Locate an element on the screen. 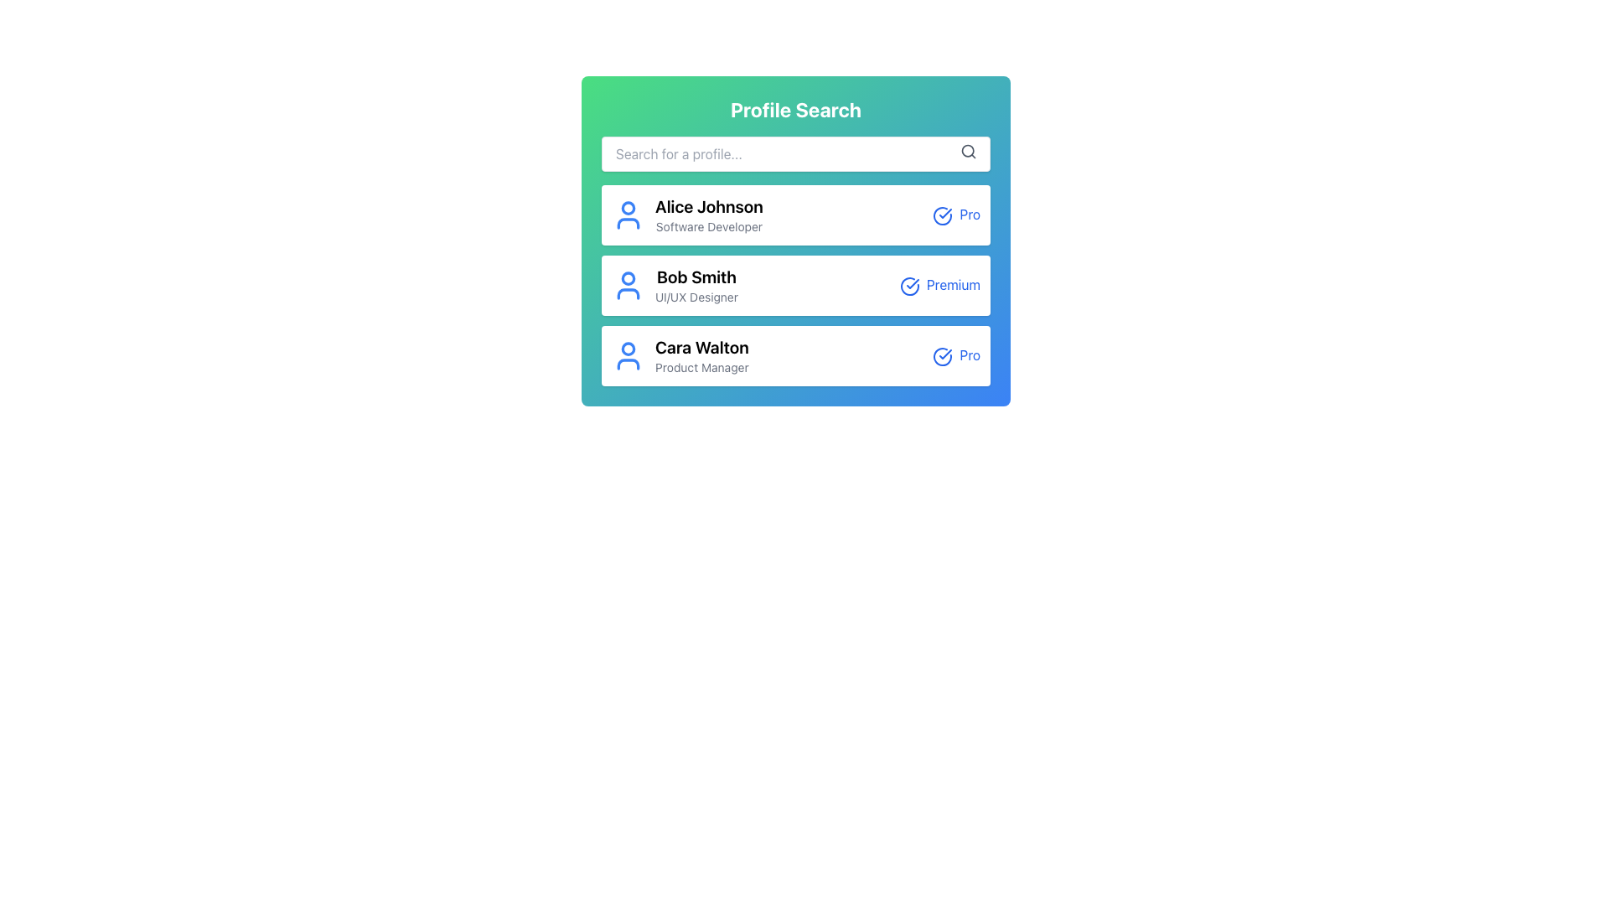 The image size is (1609, 905). the SVG Circle representing the user's profile icon located in the top-left corner of the third 'Profile Card' under the 'Profile Search' header is located at coordinates (627, 348).